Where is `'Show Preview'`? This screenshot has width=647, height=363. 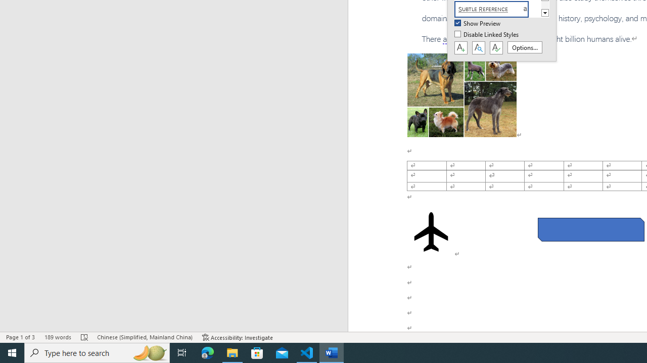
'Show Preview' is located at coordinates (478, 23).